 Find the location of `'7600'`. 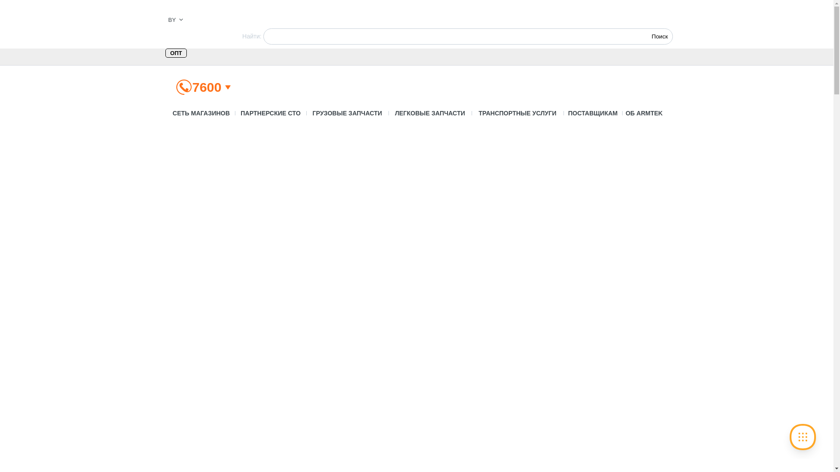

'7600' is located at coordinates (206, 87).